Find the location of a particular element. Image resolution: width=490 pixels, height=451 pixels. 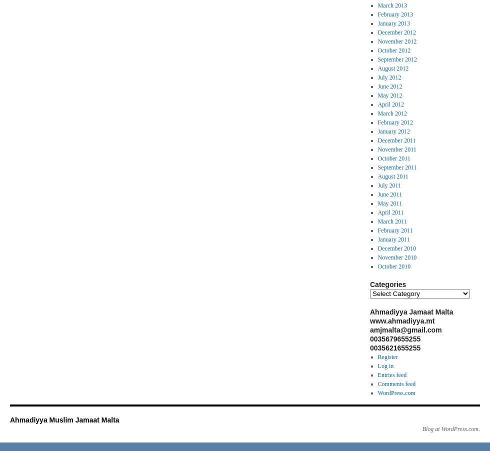

'June 2011' is located at coordinates (389, 194).